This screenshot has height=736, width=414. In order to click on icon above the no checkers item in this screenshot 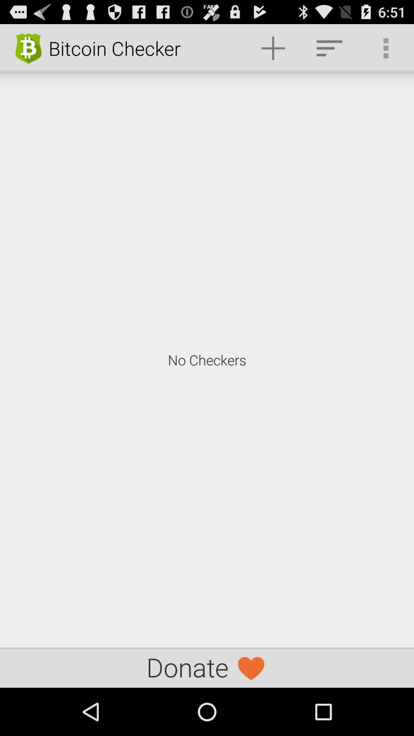, I will do `click(329, 48)`.